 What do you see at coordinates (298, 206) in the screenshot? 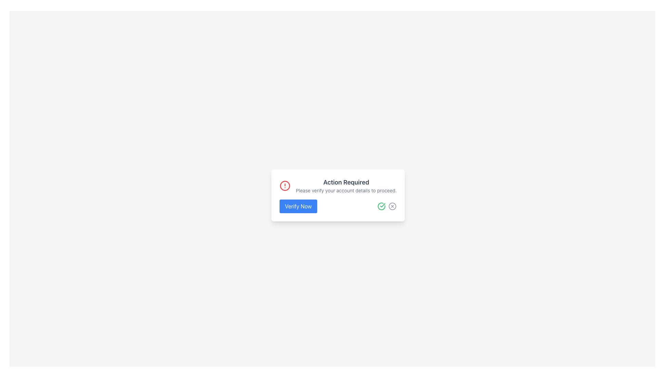
I see `the 'Verify Now' button with a blue background and white text to observe its hover effect` at bounding box center [298, 206].